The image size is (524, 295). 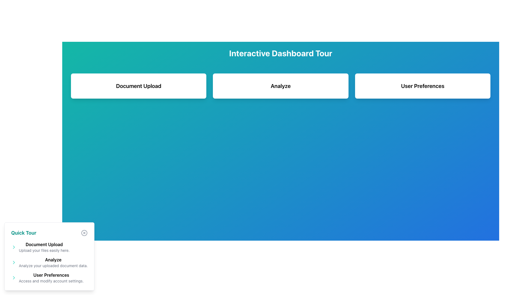 I want to click on the right-pointing teal chevron icon next to the 'User Preferences' text in the 'Quick Tour' card, so click(x=14, y=278).